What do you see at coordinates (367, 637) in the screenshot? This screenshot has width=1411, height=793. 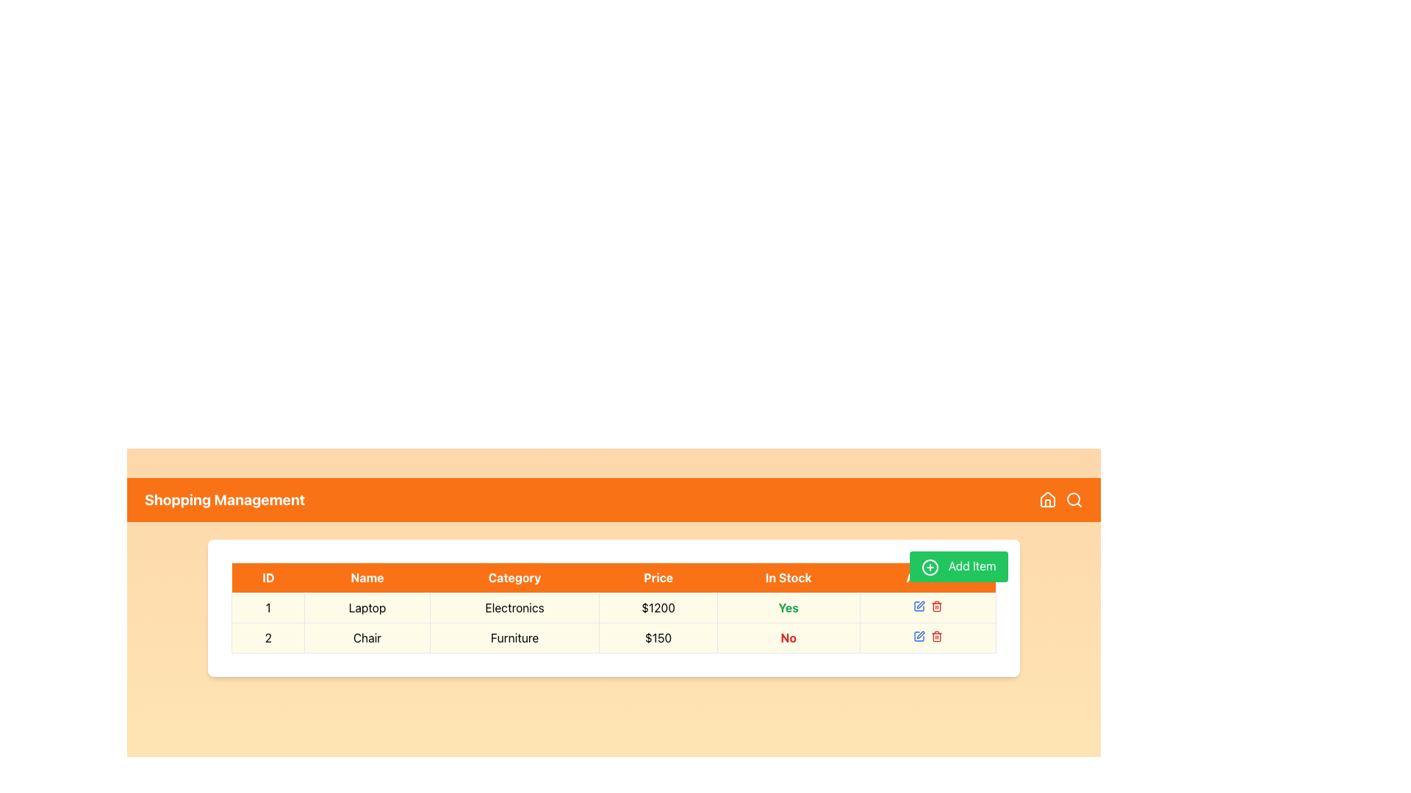 I see `the table cell containing the word 'Chair', which is the second cell in the second row under the 'Name' column` at bounding box center [367, 637].